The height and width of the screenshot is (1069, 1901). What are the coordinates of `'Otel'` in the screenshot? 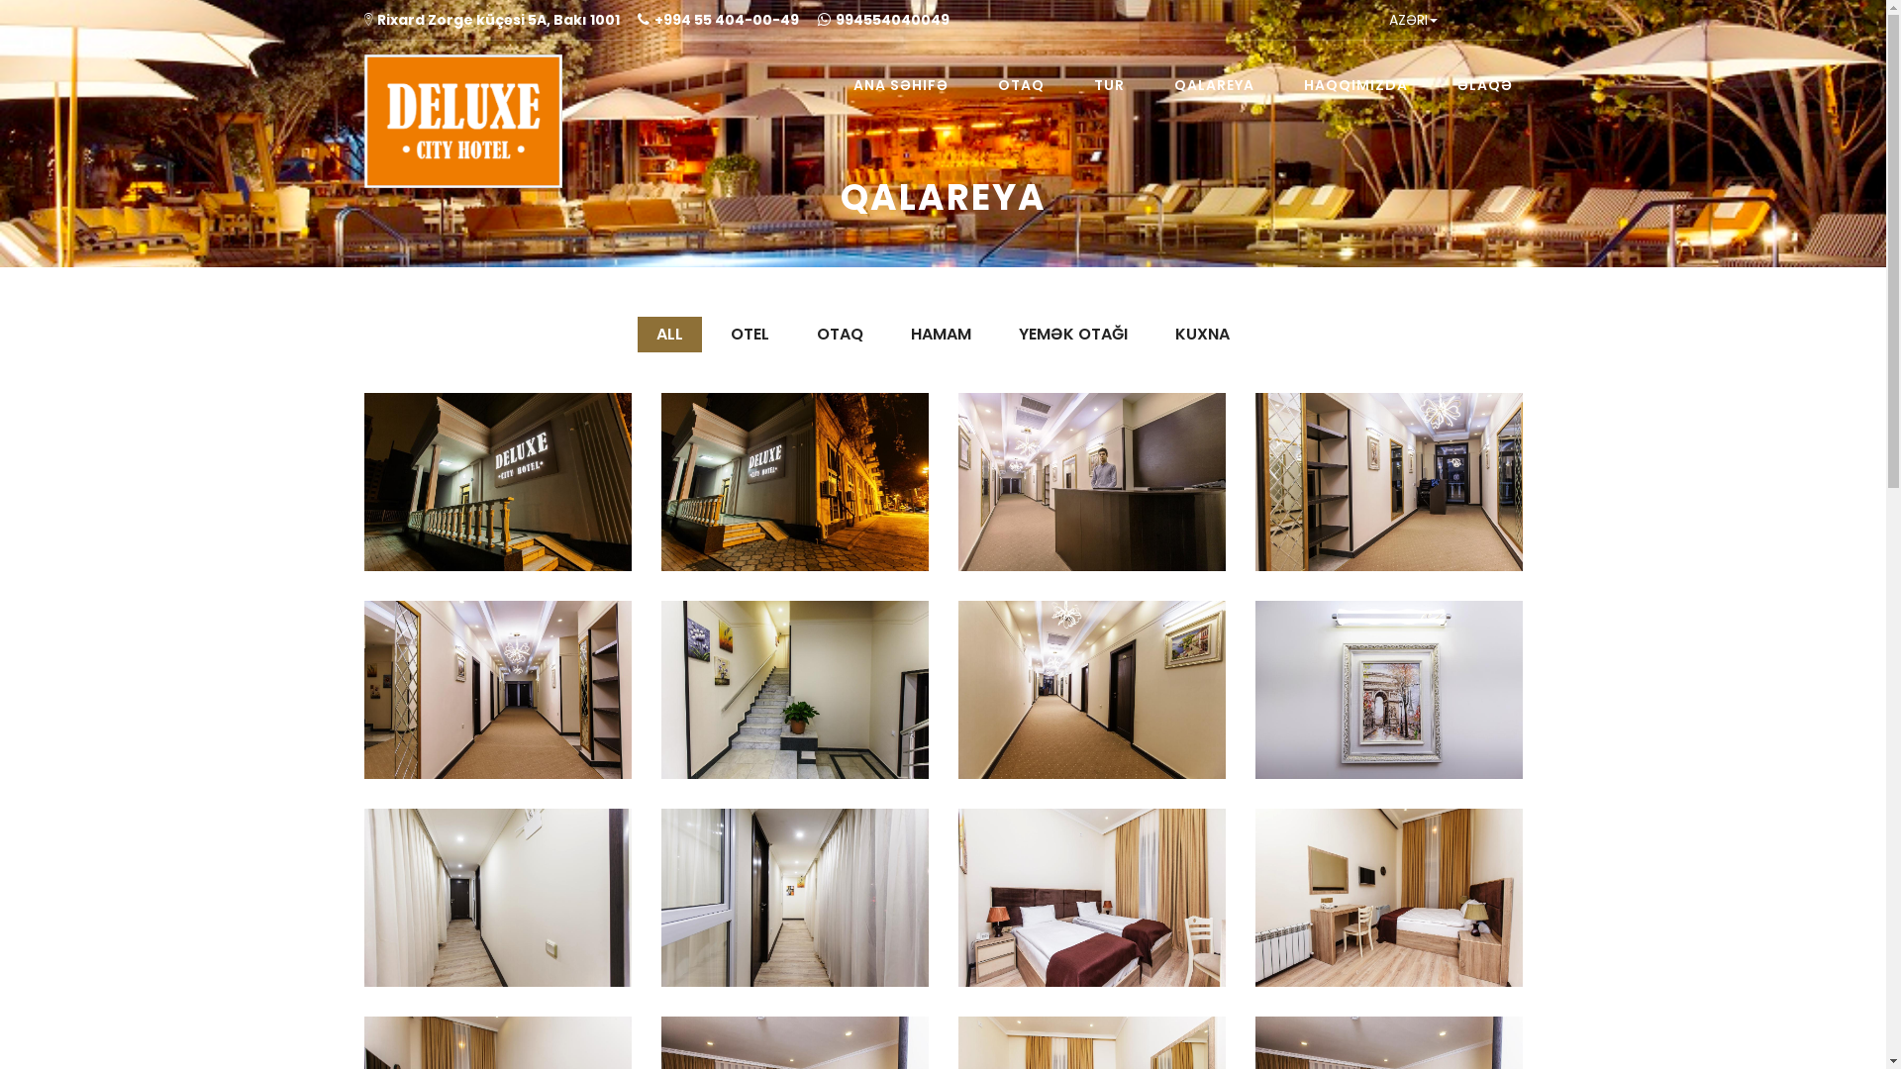 It's located at (498, 481).